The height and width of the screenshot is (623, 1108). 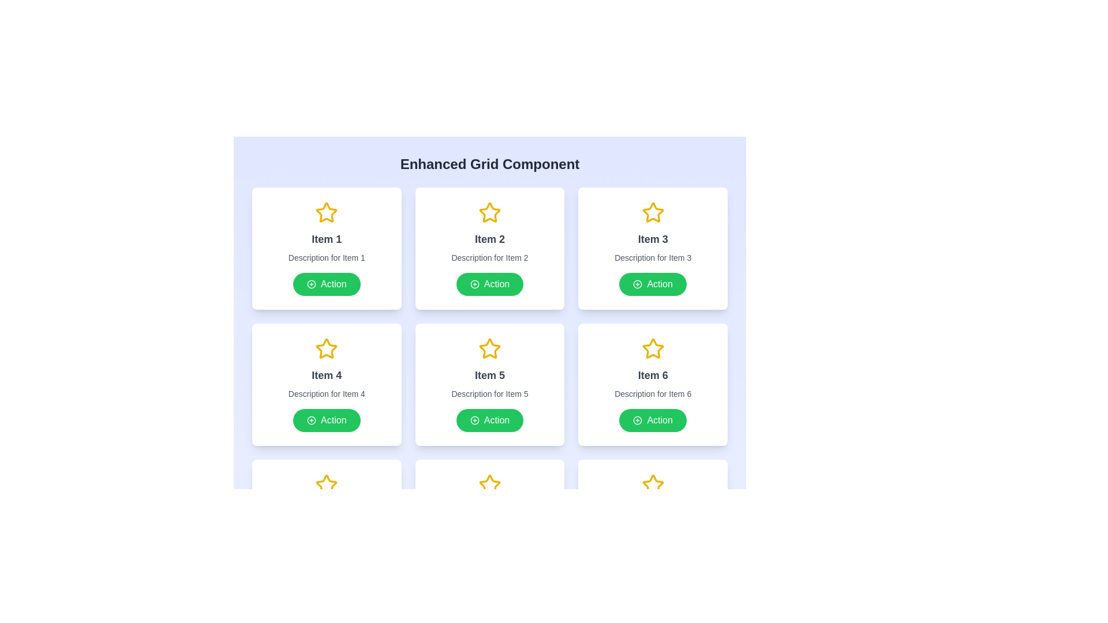 I want to click on text displayed in the Text Label element showing 'Item 1', which is located in the first box of a three-column grid layout, below a star icon and above the description text and 'Action' button, so click(x=326, y=239).